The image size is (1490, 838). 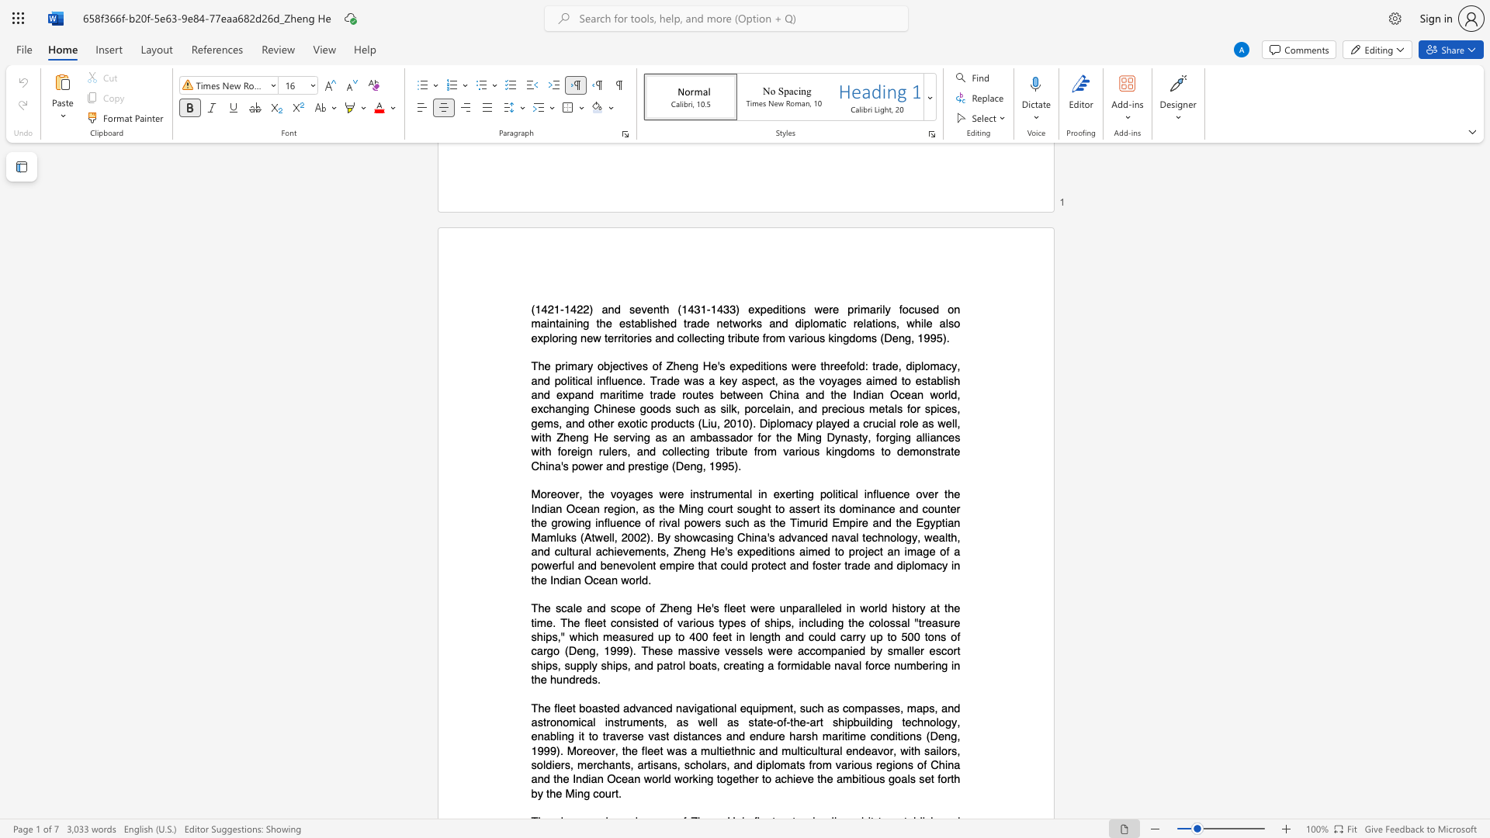 What do you see at coordinates (577, 722) in the screenshot?
I see `the subset text "ical instruments, as well a" within the text "The fleet boasted advanced navigational equipment, such as compasses, maps, and astronomical instruments, as well as"` at bounding box center [577, 722].